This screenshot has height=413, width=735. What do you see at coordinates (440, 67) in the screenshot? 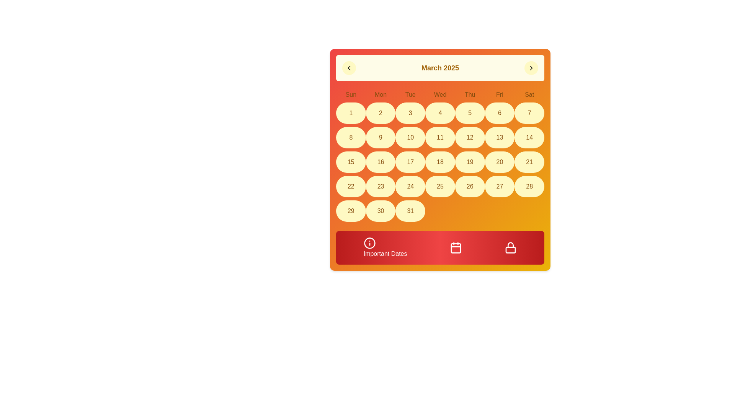
I see `the calendar header displaying the current month and year, which is centrally located in the header area of the calendar interface` at bounding box center [440, 67].